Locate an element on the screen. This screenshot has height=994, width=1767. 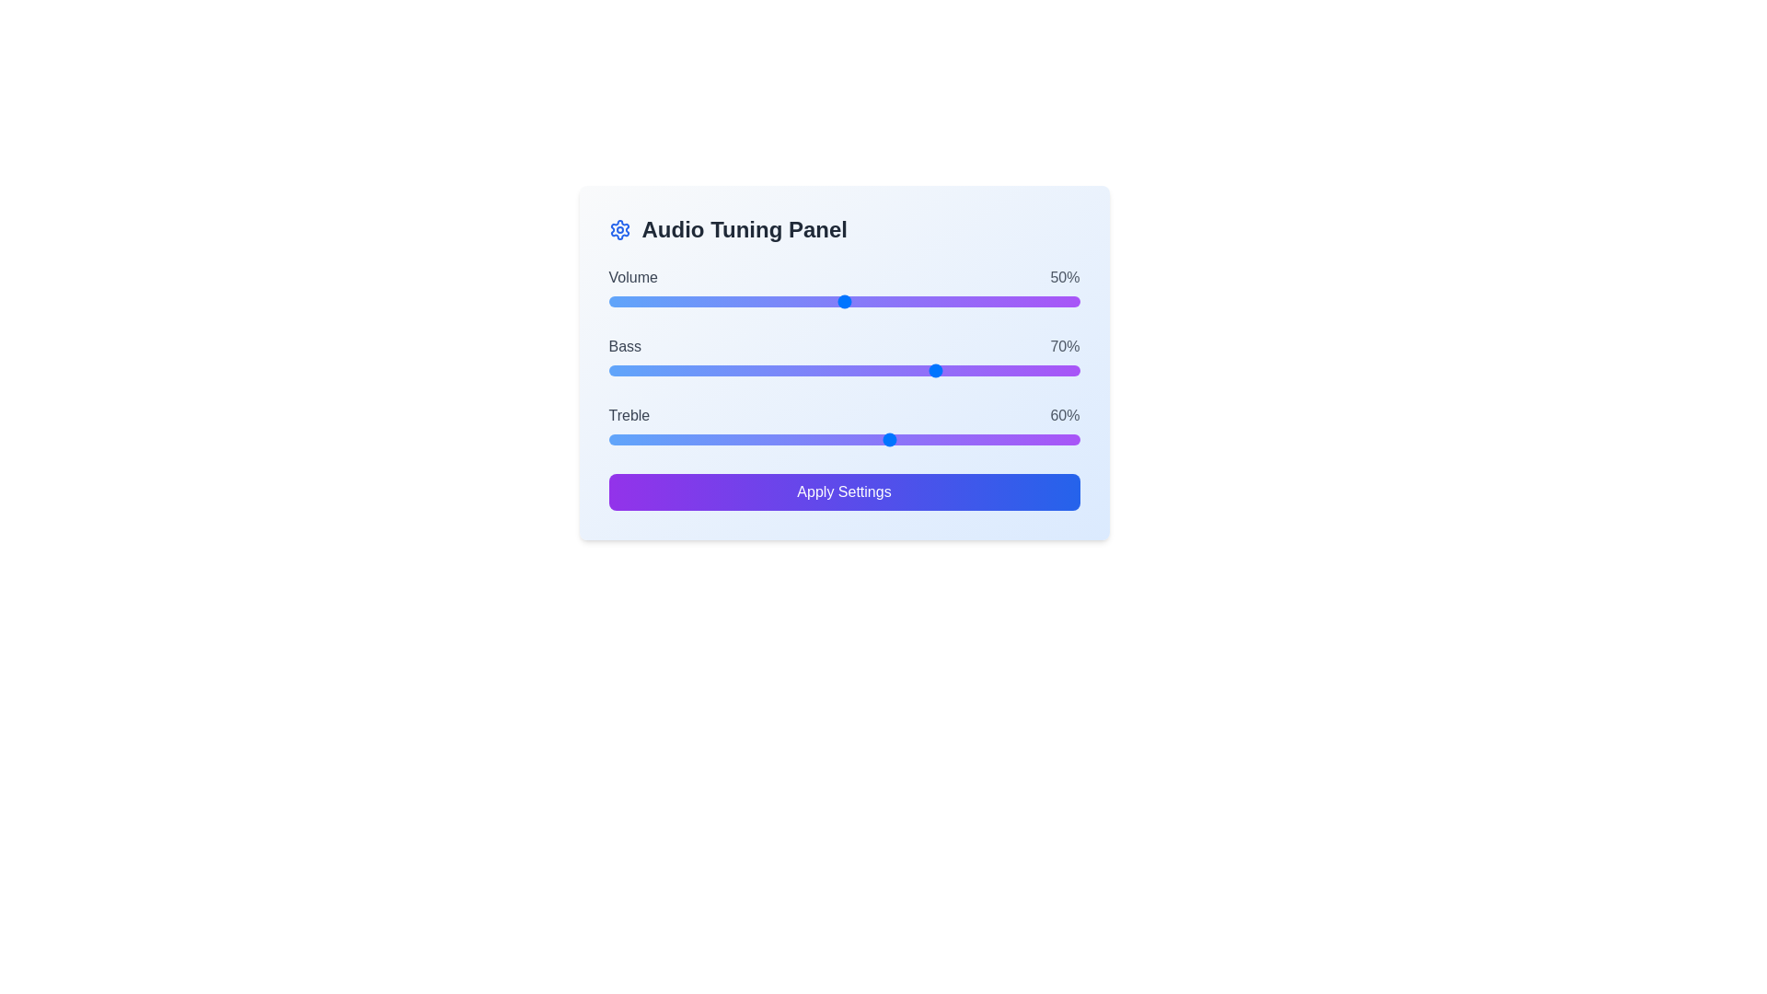
the slider's value is located at coordinates (768, 440).